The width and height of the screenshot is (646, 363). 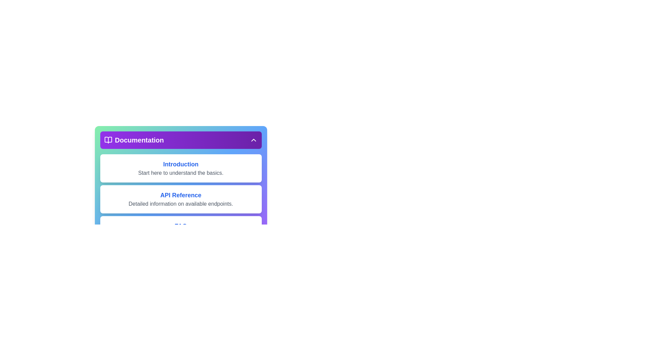 What do you see at coordinates (181, 199) in the screenshot?
I see `the documentation section API Reference to view its details` at bounding box center [181, 199].